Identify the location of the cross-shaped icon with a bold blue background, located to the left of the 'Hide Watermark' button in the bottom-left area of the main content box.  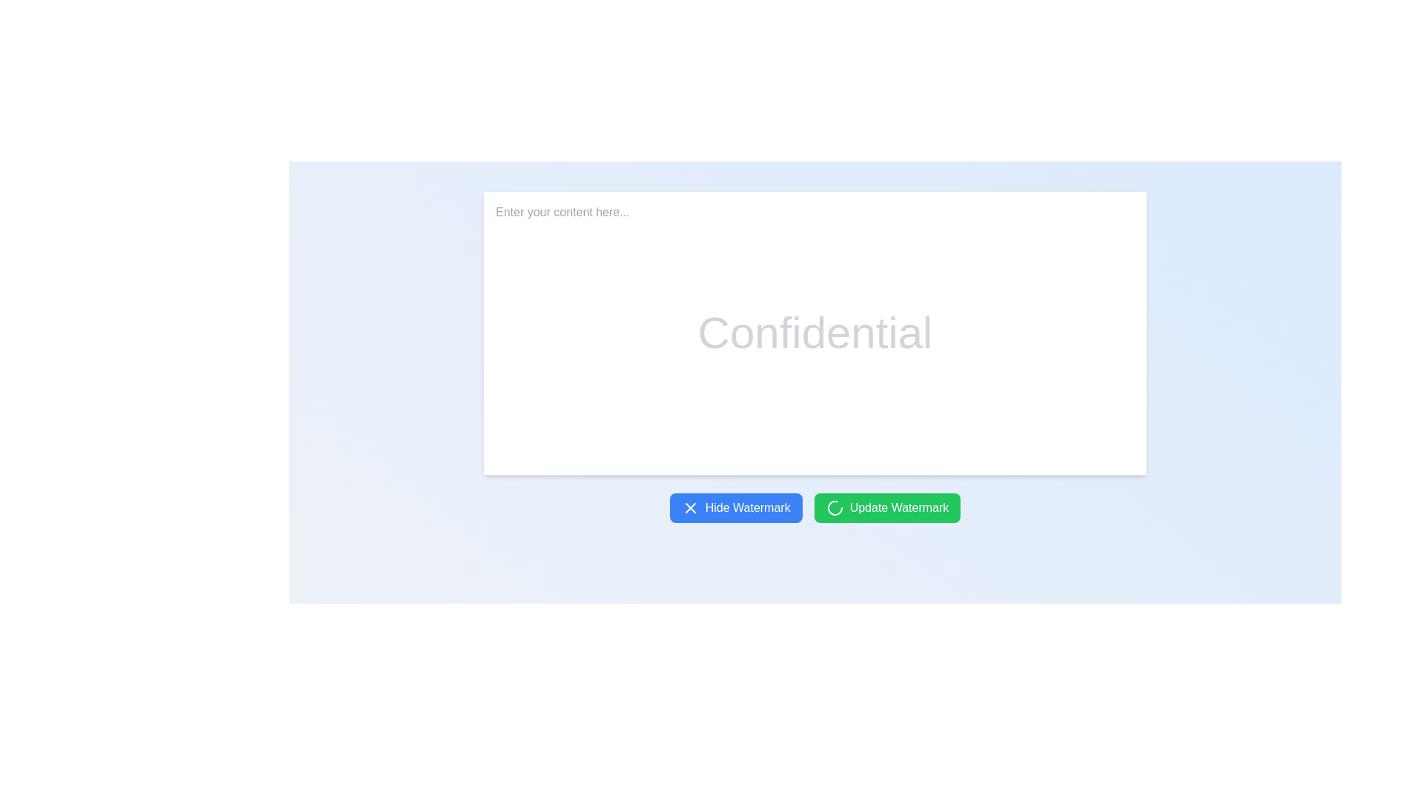
(689, 507).